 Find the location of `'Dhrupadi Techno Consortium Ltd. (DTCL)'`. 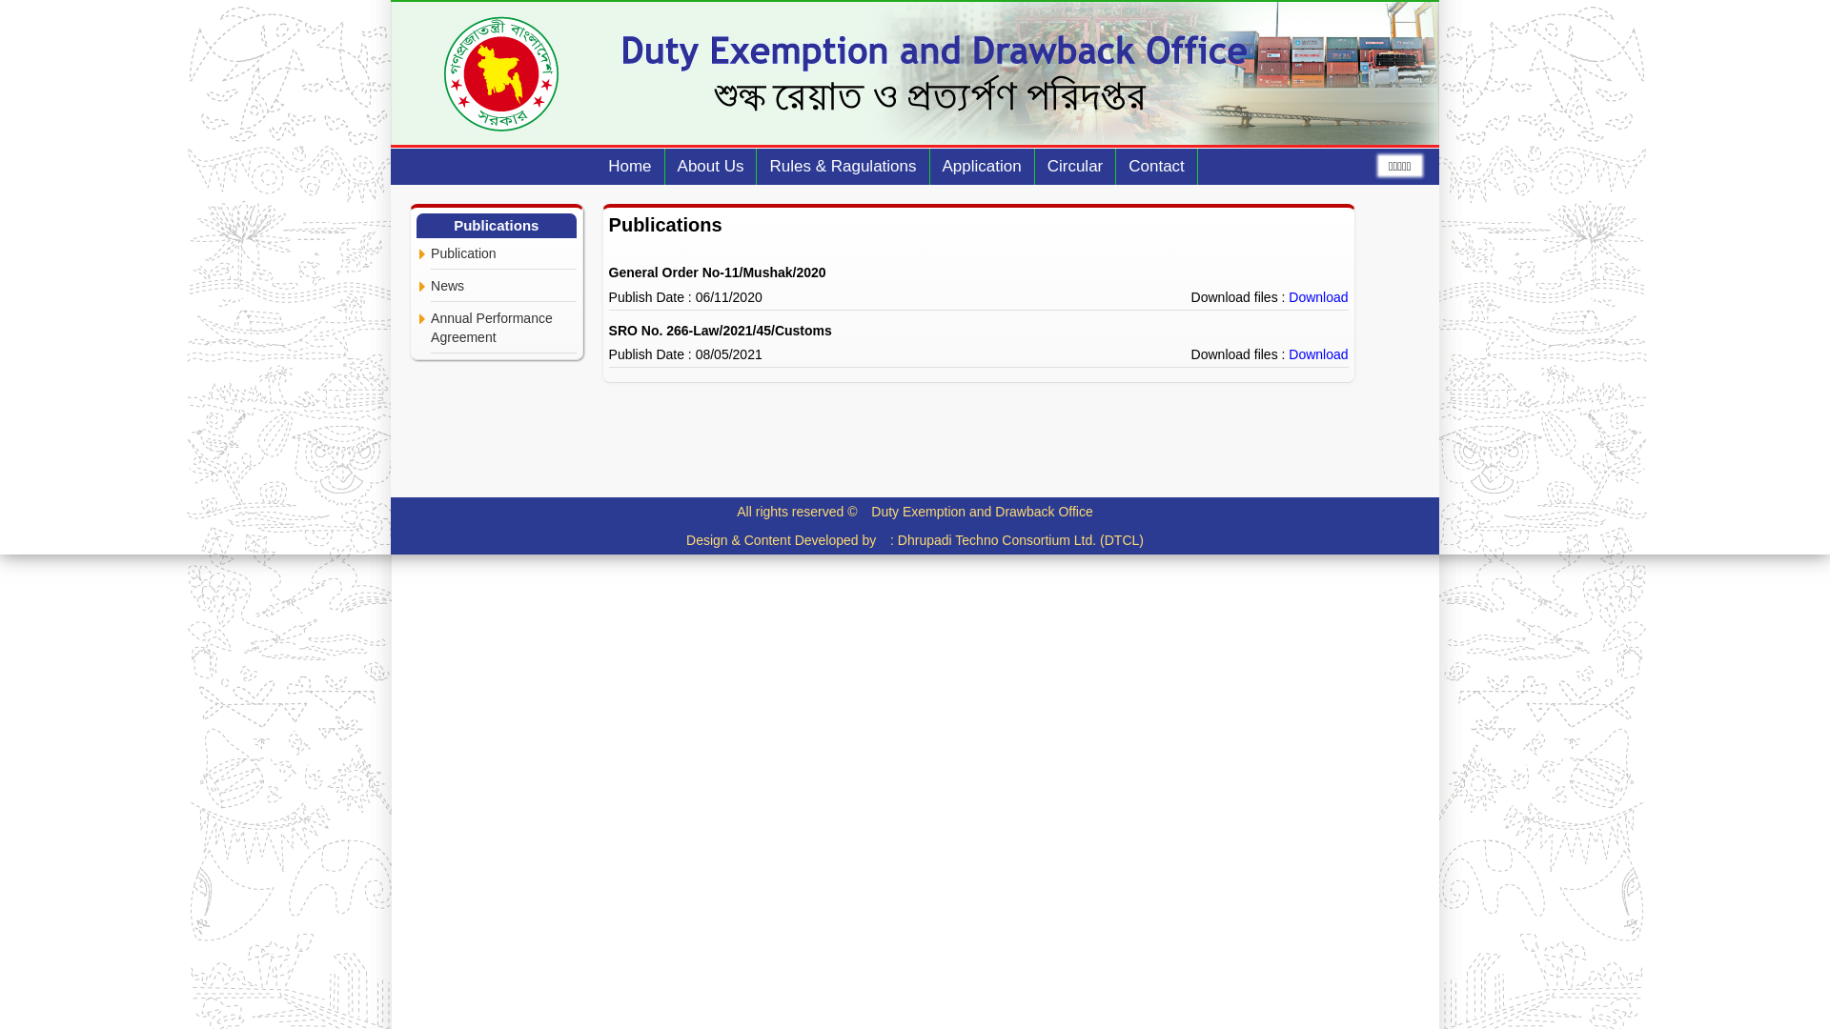

'Dhrupadi Techno Consortium Ltd. (DTCL)' is located at coordinates (1019, 540).